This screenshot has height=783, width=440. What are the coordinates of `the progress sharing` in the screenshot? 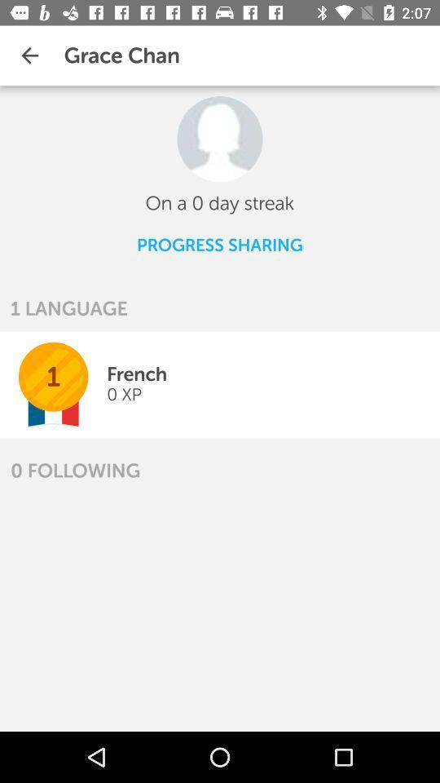 It's located at (219, 244).